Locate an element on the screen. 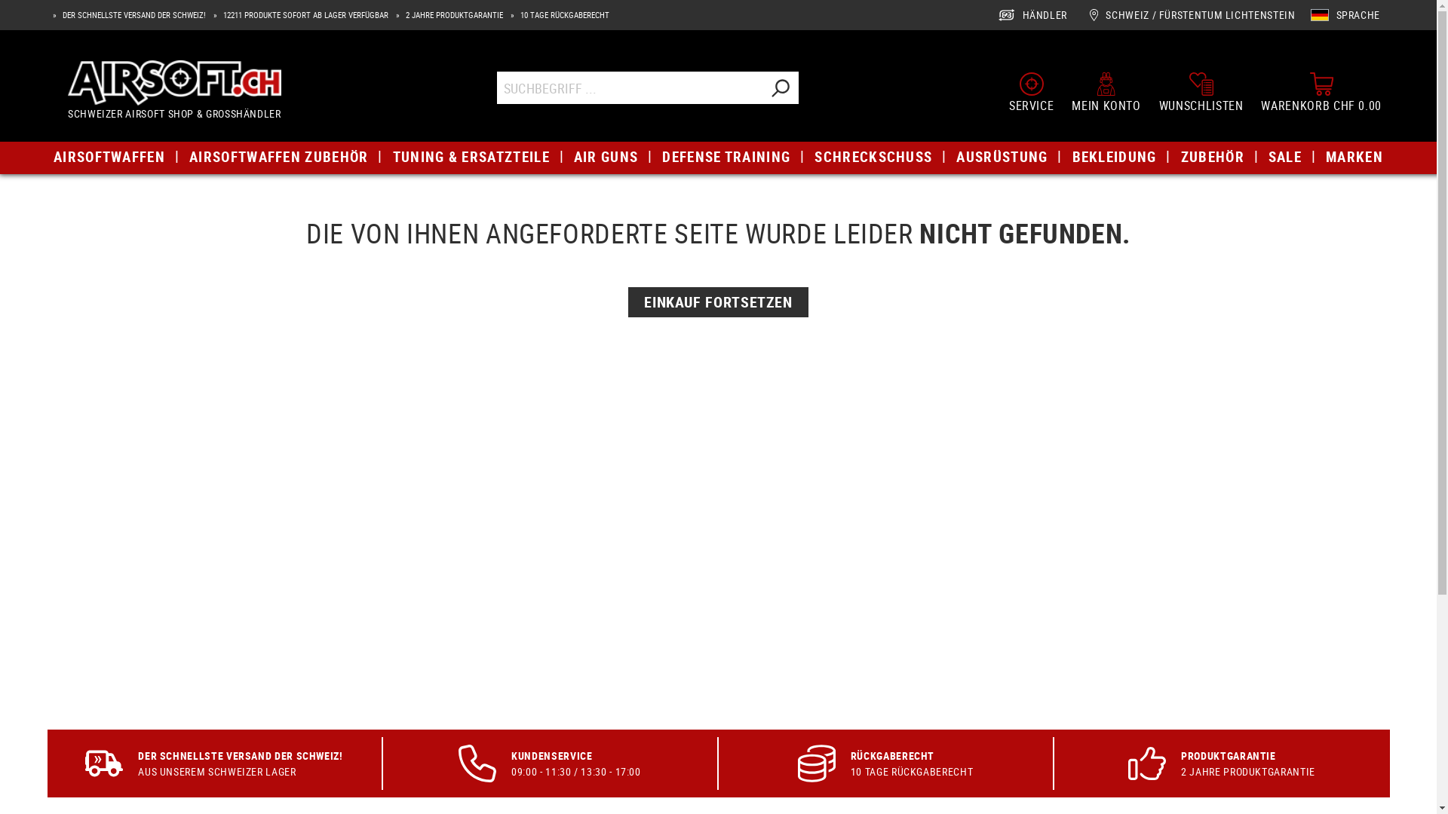 This screenshot has height=814, width=1448. 'SALE' is located at coordinates (1284, 157).